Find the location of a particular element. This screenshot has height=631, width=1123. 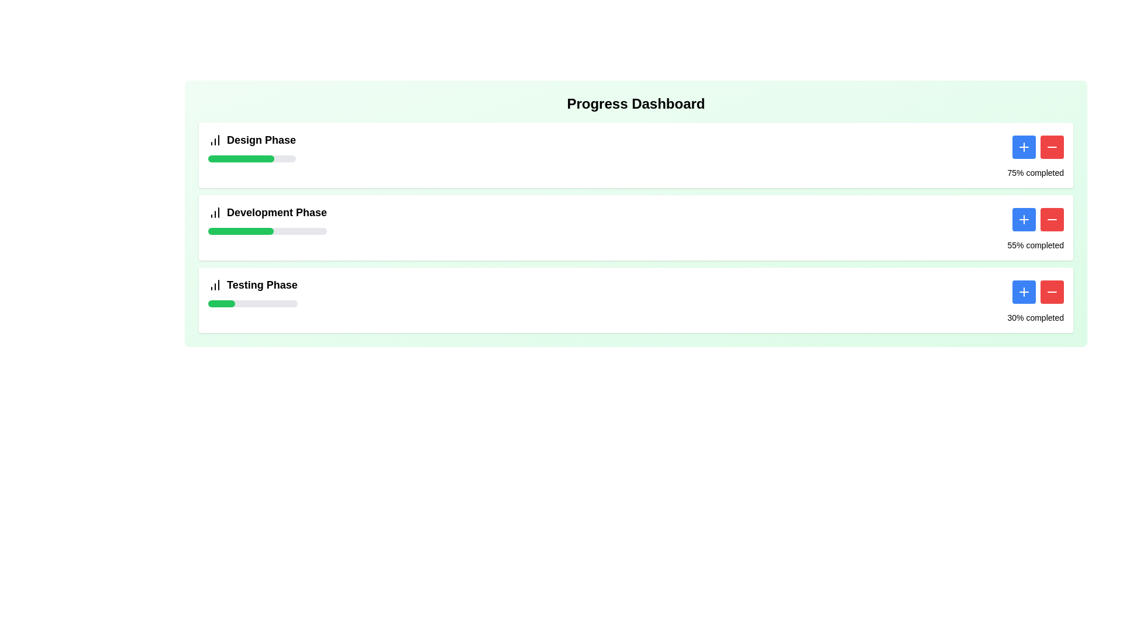

the green progress indicator bar that represents the 'Development Phase', which occupies 55% of the width of its light gray background bar is located at coordinates (240, 231).